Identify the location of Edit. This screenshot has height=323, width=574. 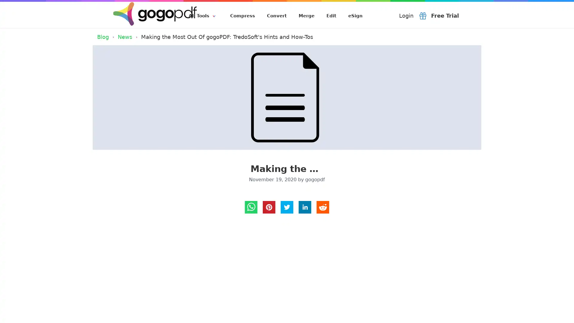
(331, 15).